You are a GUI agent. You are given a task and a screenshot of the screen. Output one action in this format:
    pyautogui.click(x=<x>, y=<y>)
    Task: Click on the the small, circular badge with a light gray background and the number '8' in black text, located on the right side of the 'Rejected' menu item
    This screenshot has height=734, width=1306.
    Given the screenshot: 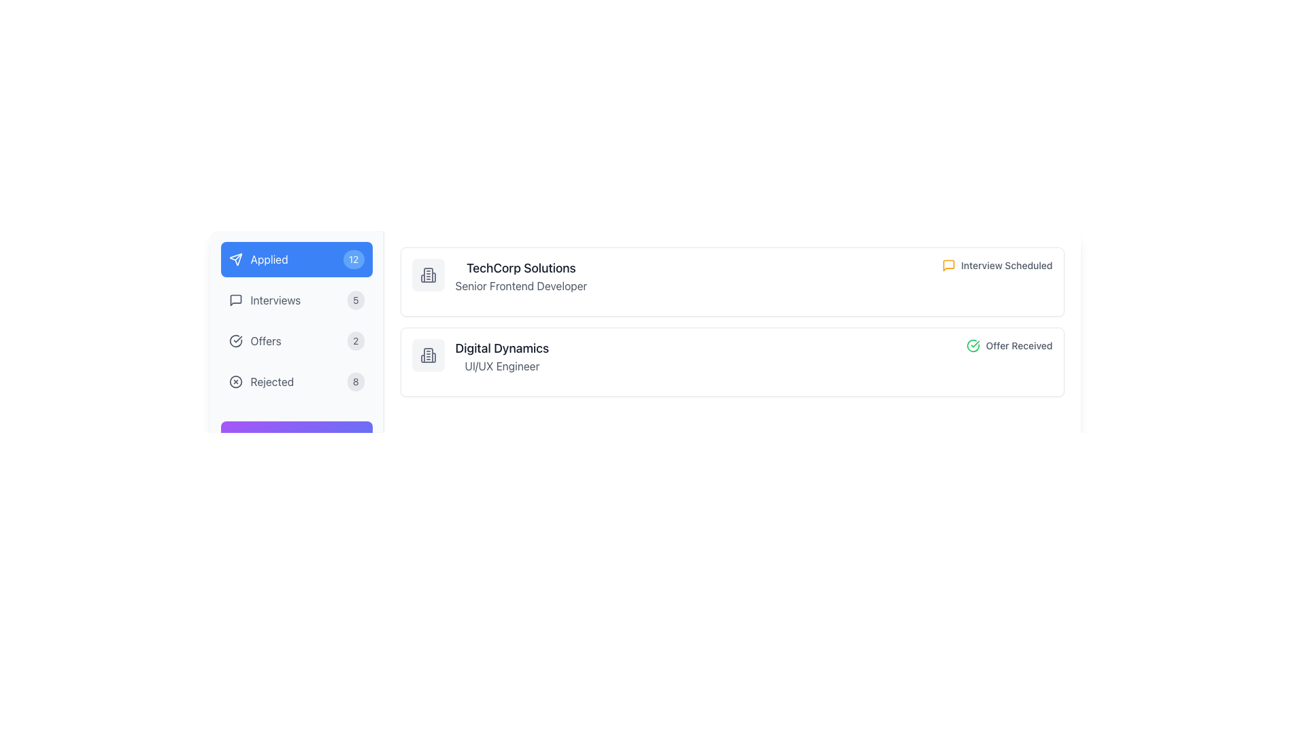 What is the action you would take?
    pyautogui.click(x=356, y=382)
    